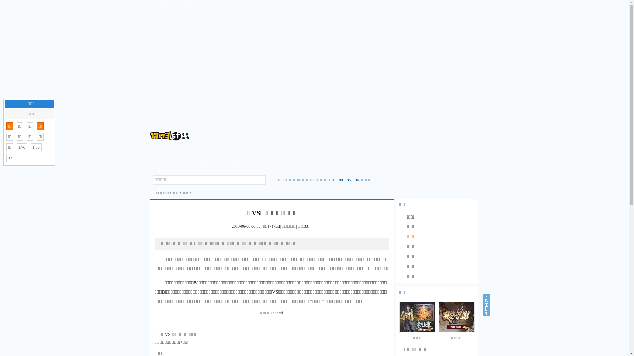 The width and height of the screenshot is (634, 356). Describe the element at coordinates (332, 180) in the screenshot. I see `'1.76'` at that location.